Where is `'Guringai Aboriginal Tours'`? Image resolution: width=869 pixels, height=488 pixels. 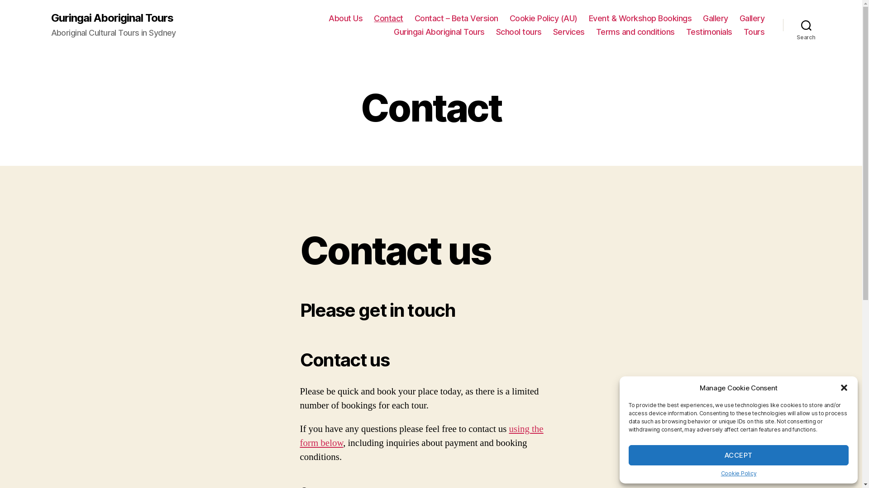
'Guringai Aboriginal Tours' is located at coordinates (111, 18).